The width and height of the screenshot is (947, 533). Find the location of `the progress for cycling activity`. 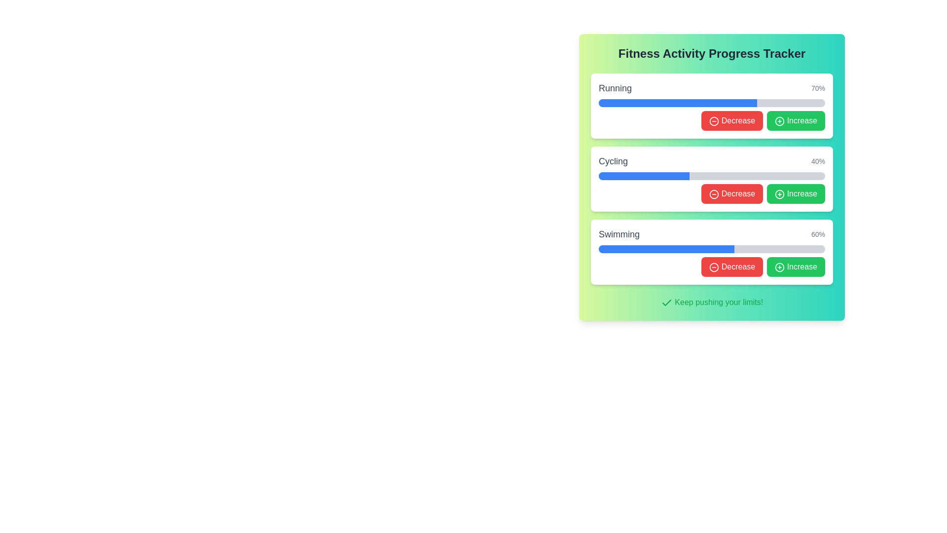

the progress for cycling activity is located at coordinates (675, 176).